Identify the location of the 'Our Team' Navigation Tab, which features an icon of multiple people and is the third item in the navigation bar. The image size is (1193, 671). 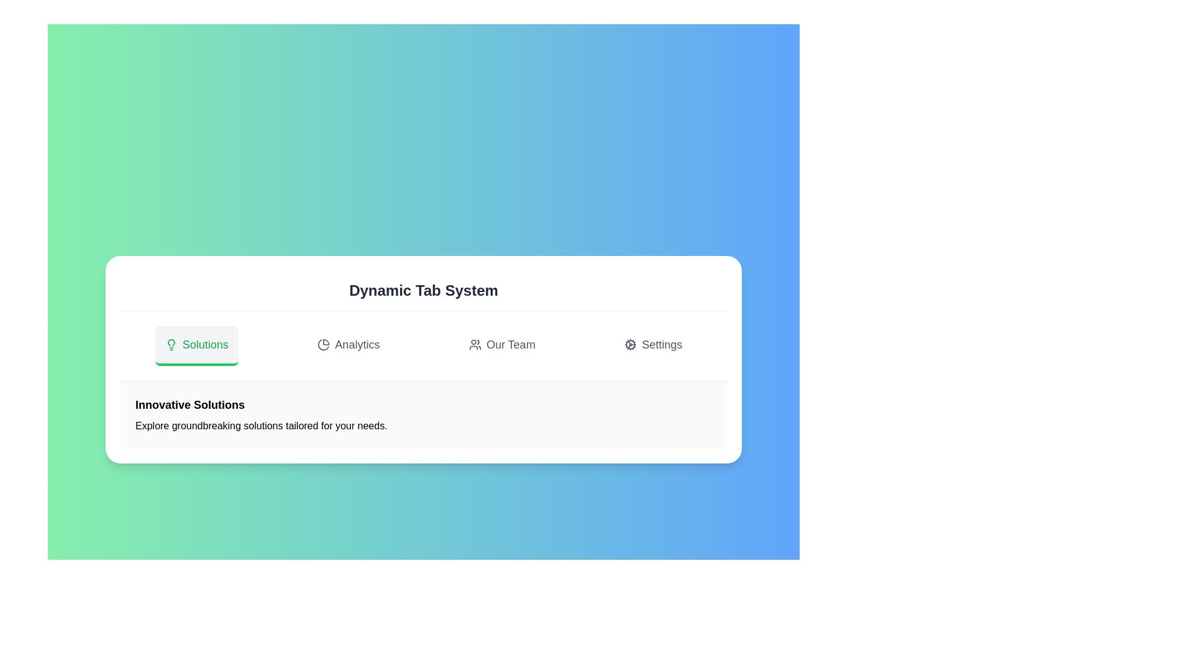
(502, 345).